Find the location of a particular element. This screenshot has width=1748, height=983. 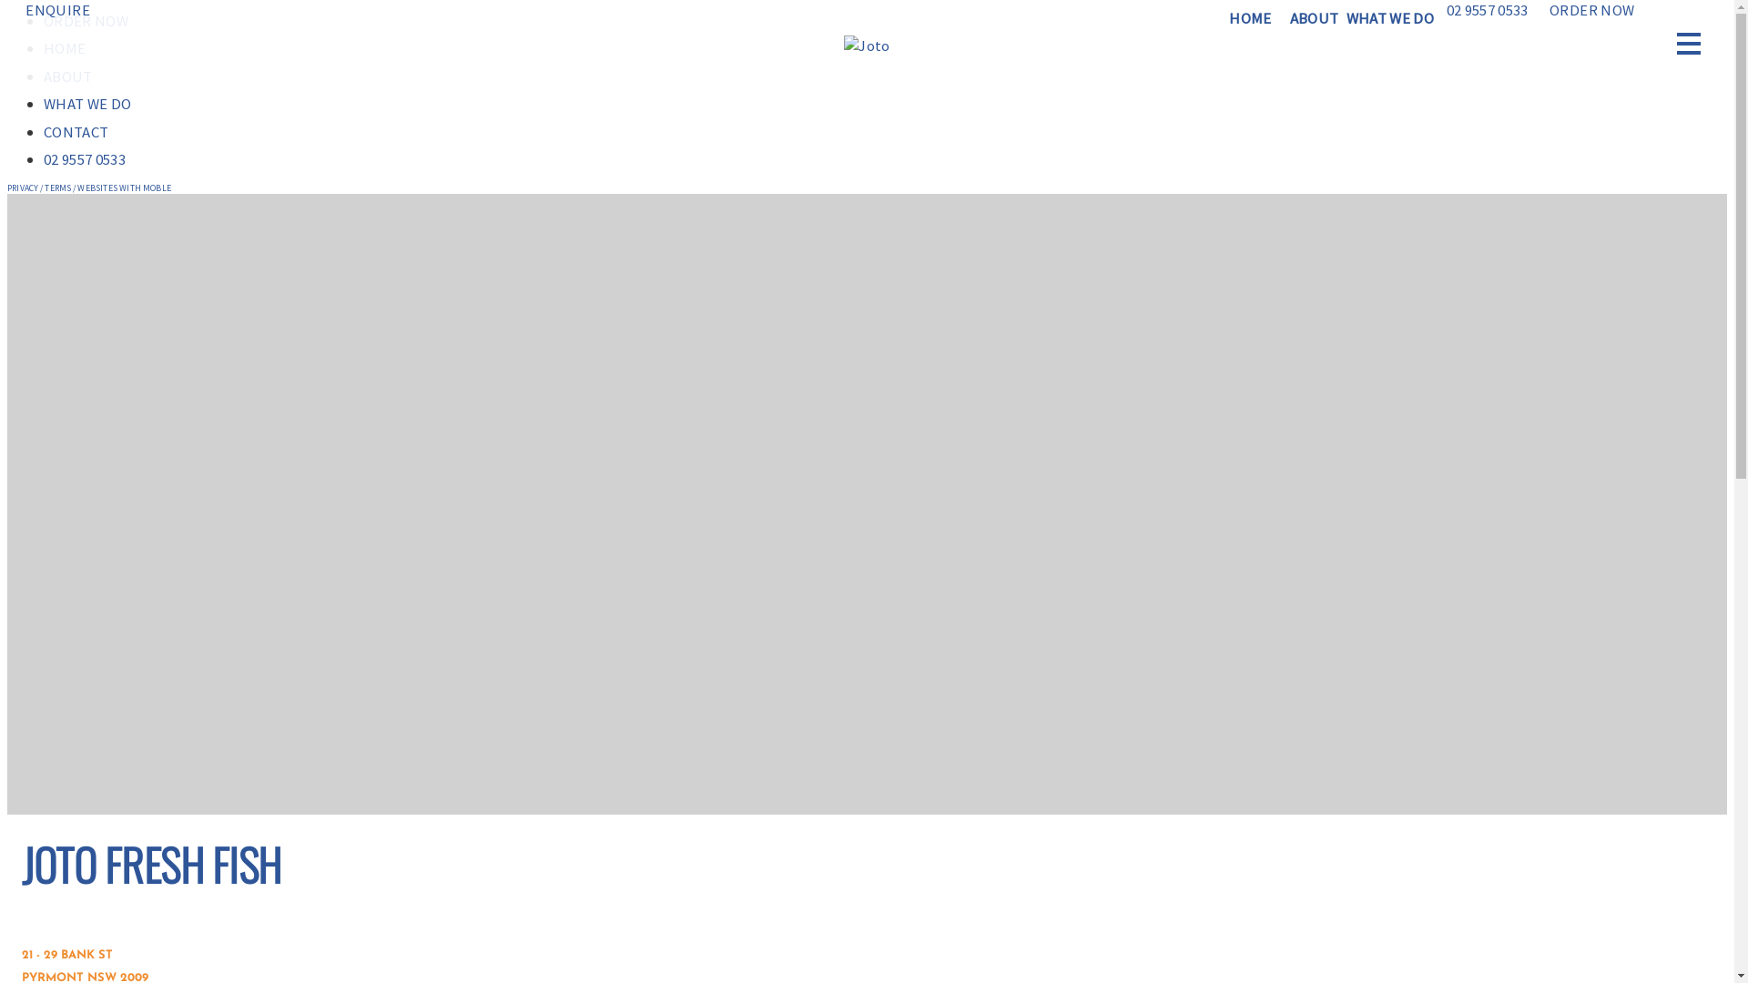

'WEBSITES WITH MOBLE' is located at coordinates (123, 187).